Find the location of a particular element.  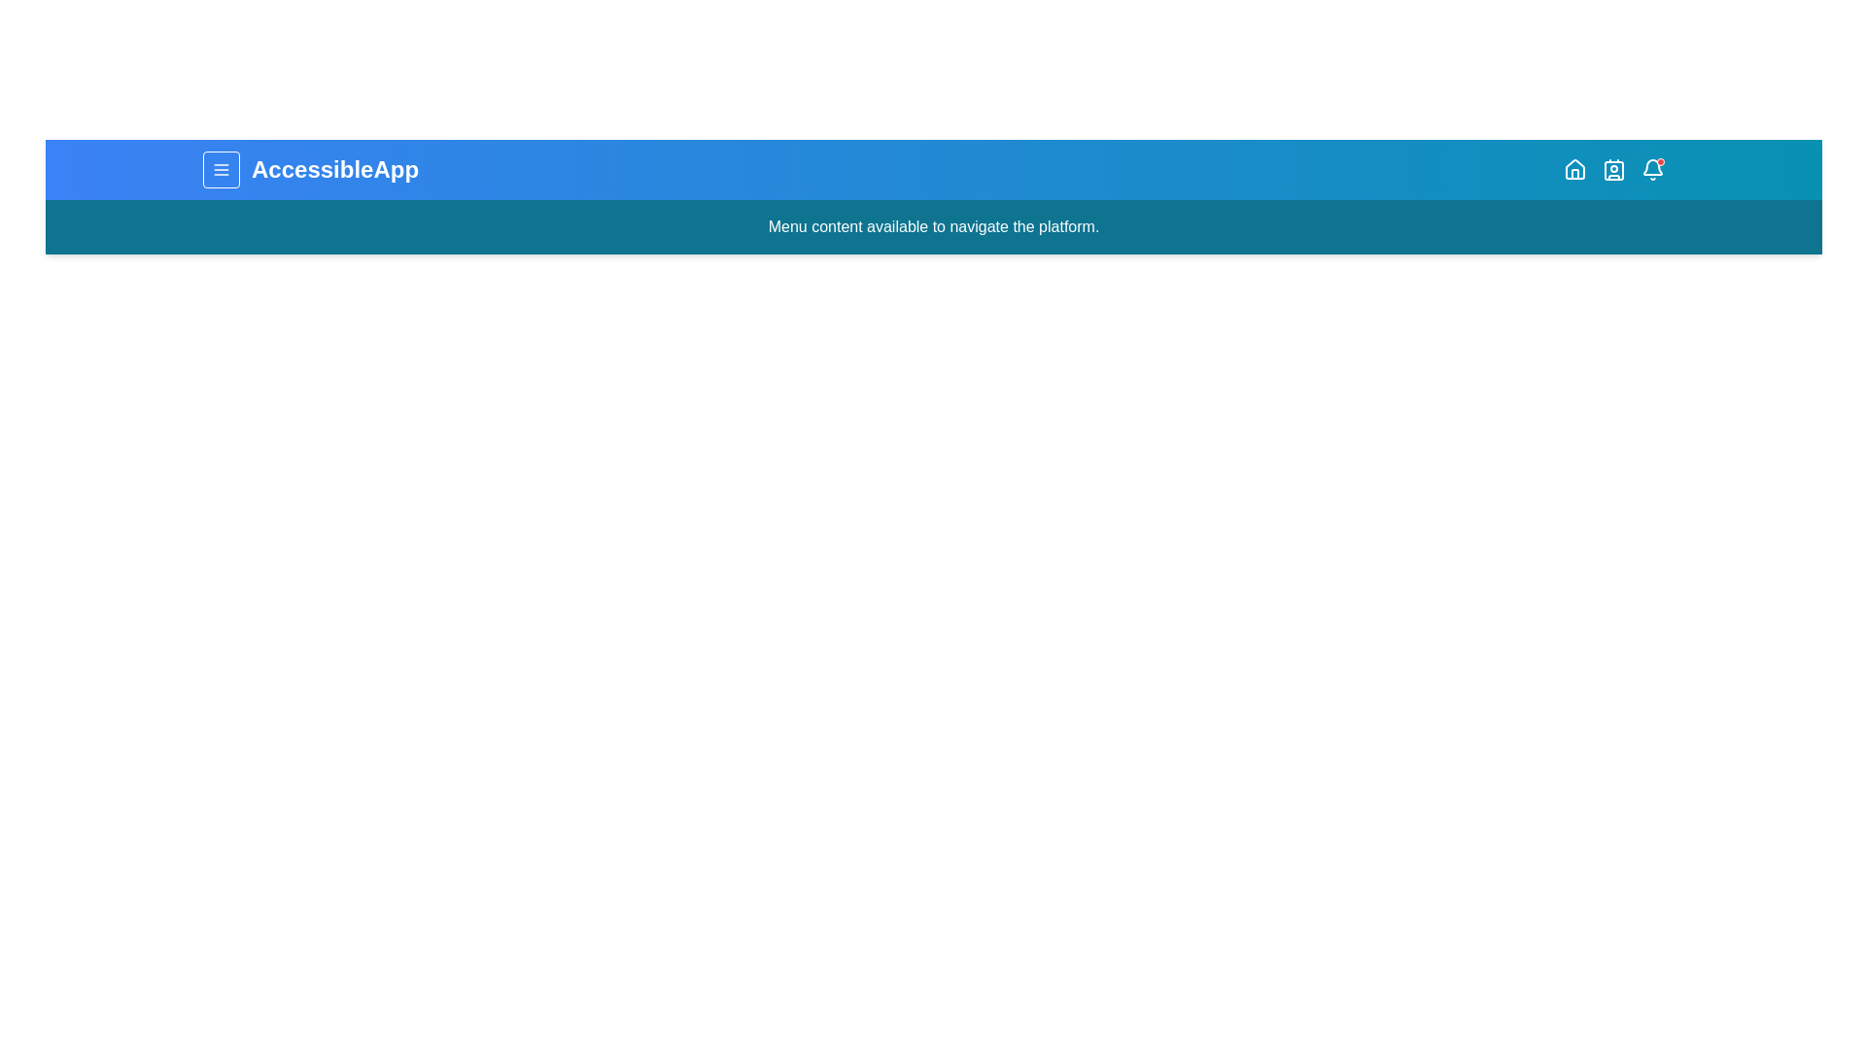

the Bell icon to check notifications is located at coordinates (1651, 168).